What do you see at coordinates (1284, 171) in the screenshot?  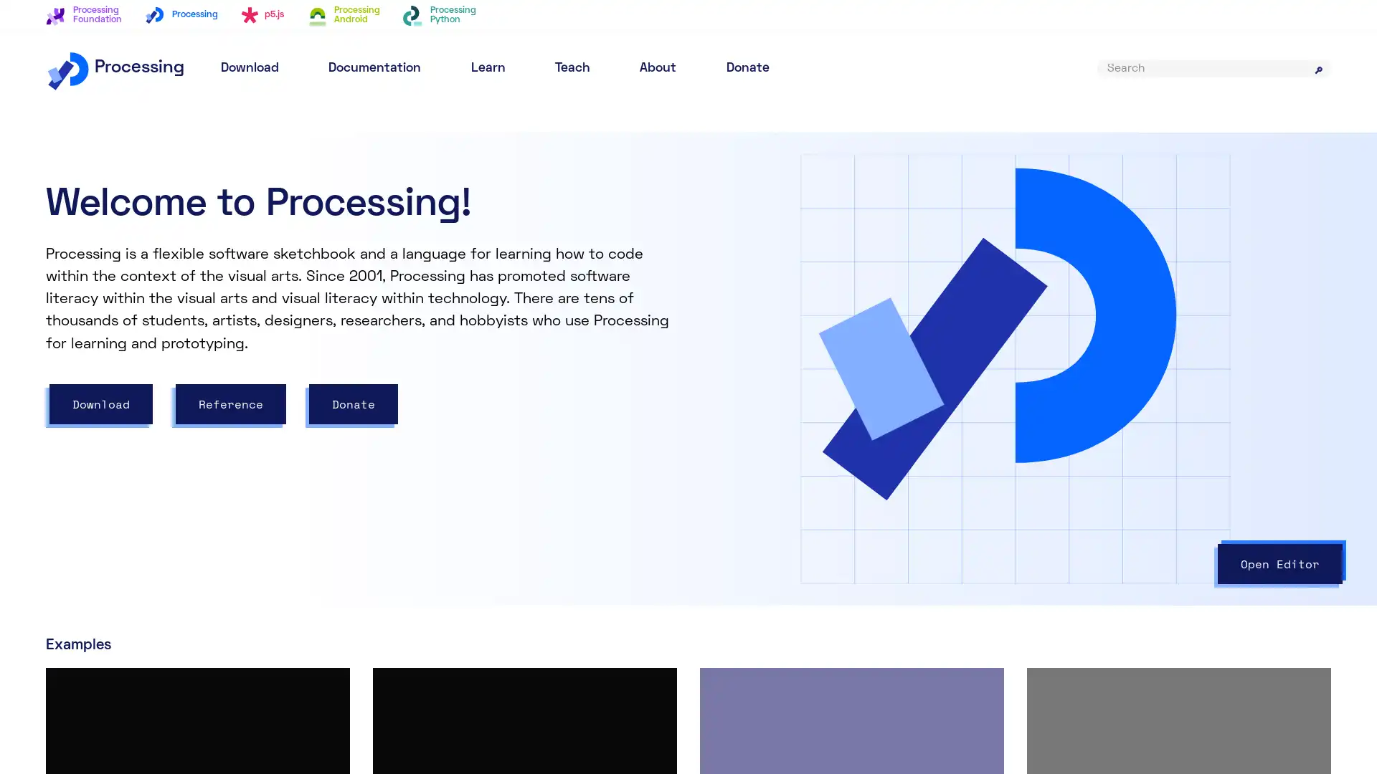 I see `Reset` at bounding box center [1284, 171].